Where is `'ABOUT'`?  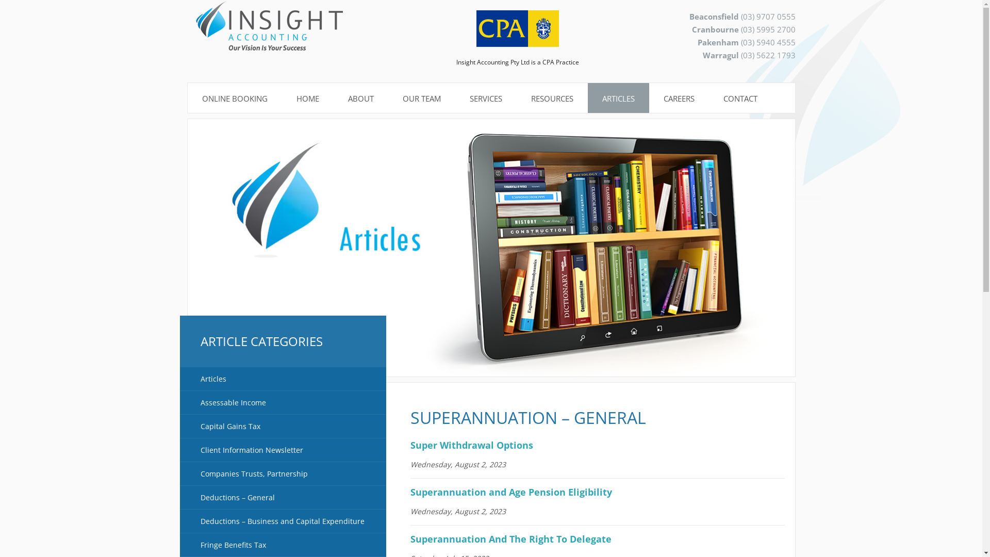
'ABOUT' is located at coordinates (360, 99).